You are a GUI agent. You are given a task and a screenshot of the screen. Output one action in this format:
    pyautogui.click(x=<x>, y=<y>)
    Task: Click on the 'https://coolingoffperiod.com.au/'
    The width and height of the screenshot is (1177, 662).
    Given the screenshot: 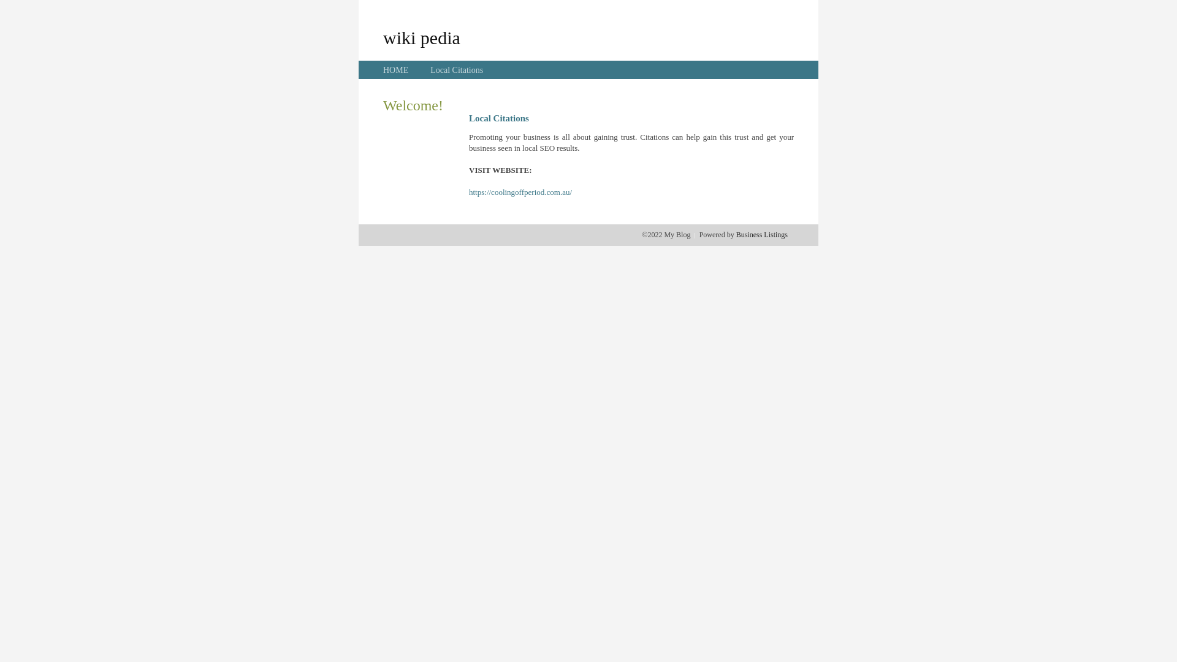 What is the action you would take?
    pyautogui.click(x=520, y=192)
    